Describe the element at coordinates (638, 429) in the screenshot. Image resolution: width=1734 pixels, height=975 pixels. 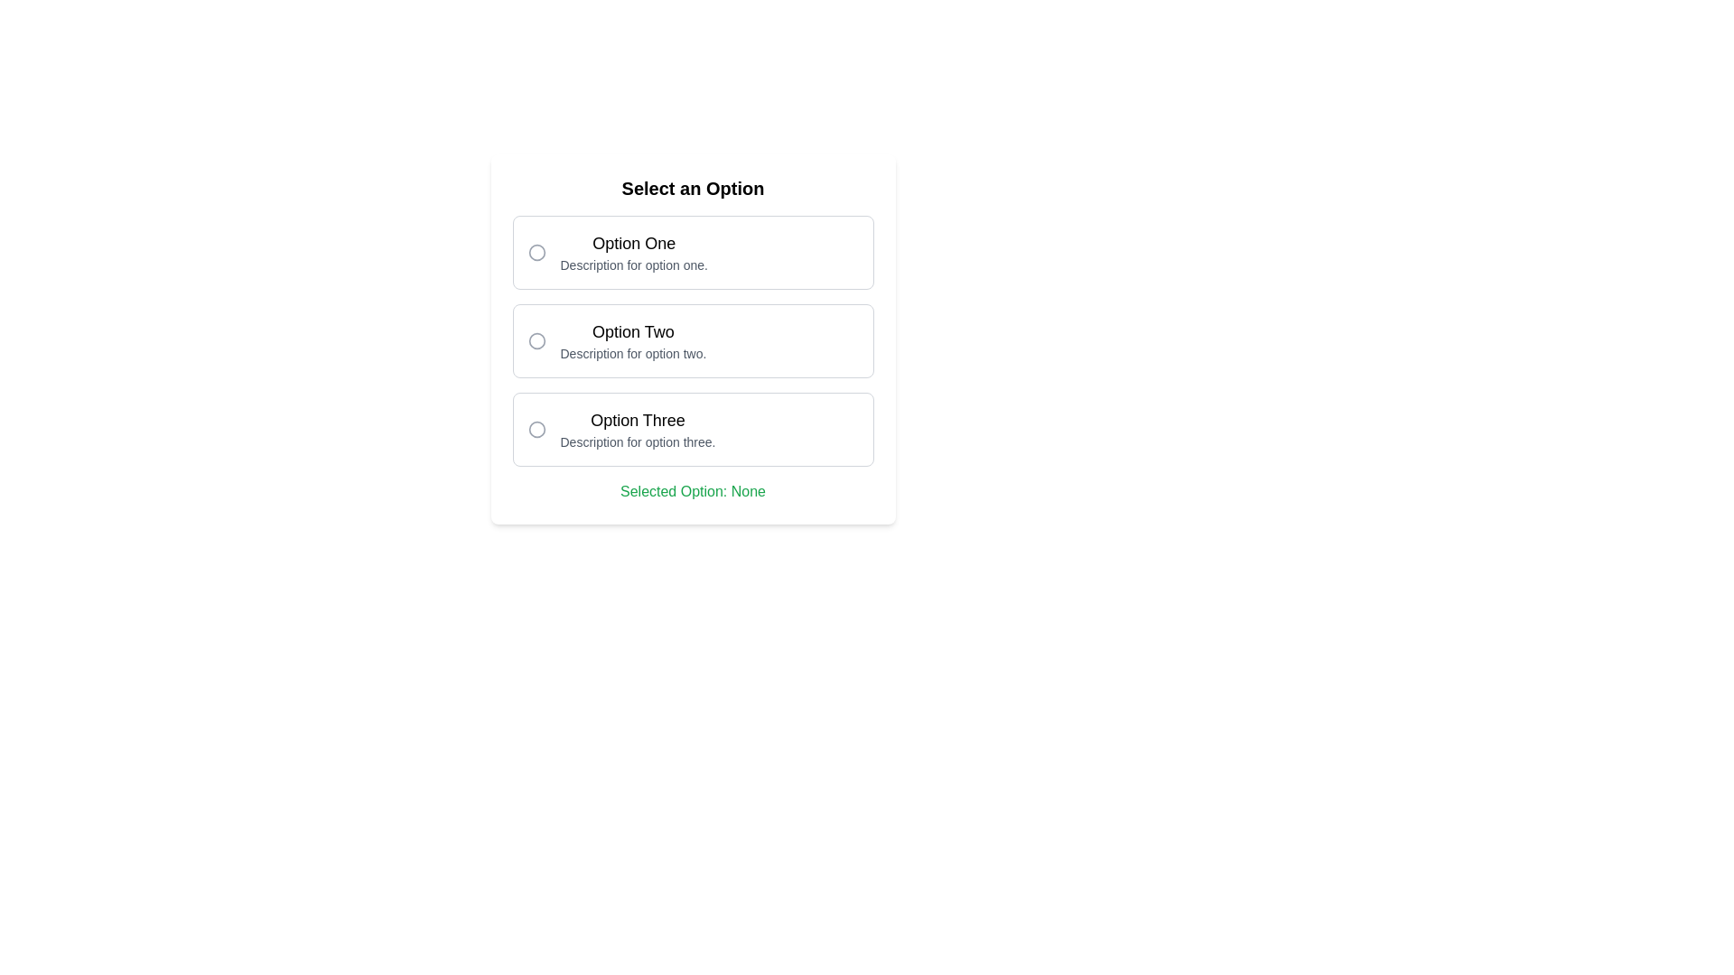
I see `the informational label that provides details about the third option available for selection, located between 'Option Two' and the footer` at that location.